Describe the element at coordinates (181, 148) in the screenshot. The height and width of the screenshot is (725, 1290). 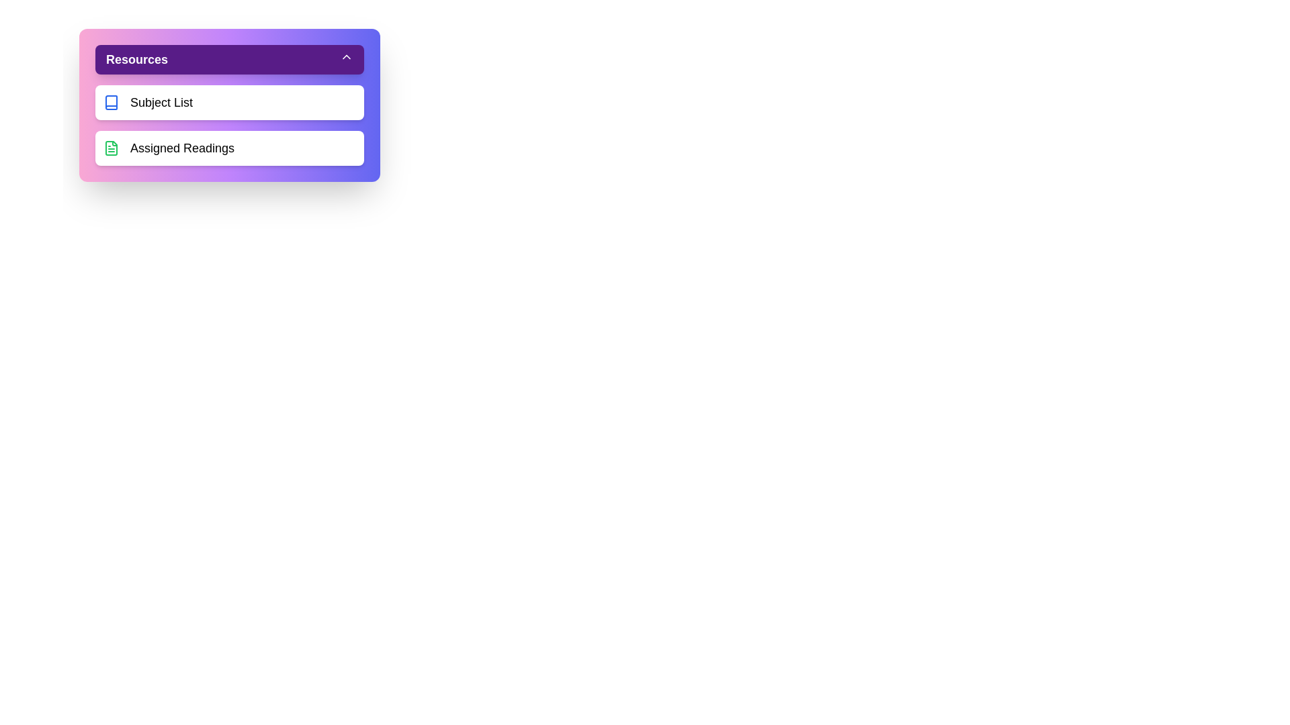
I see `the text label that indicates assigned readings, positioned at the bottom of the card structure next to an icon` at that location.